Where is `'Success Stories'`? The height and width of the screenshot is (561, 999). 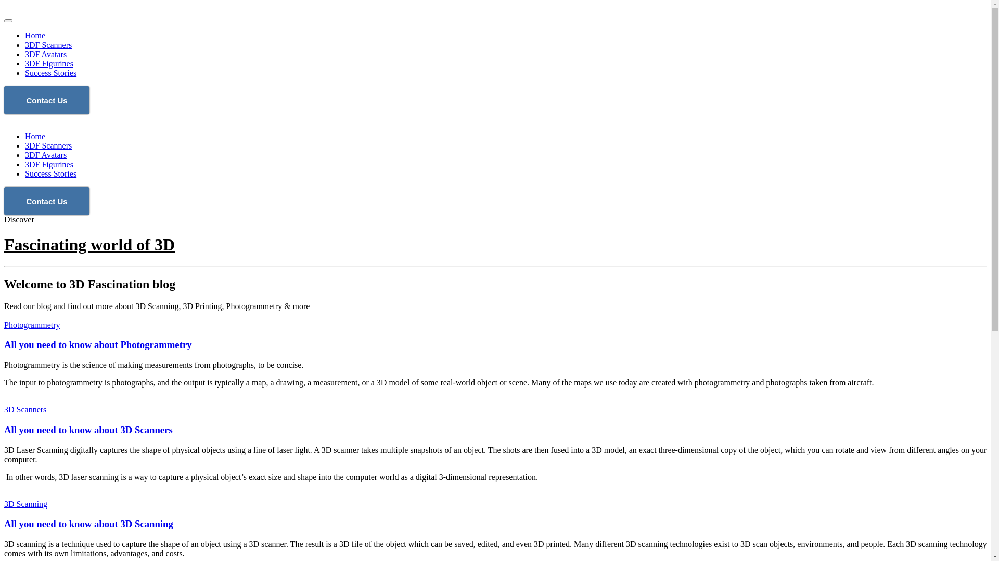
'Success Stories' is located at coordinates (50, 173).